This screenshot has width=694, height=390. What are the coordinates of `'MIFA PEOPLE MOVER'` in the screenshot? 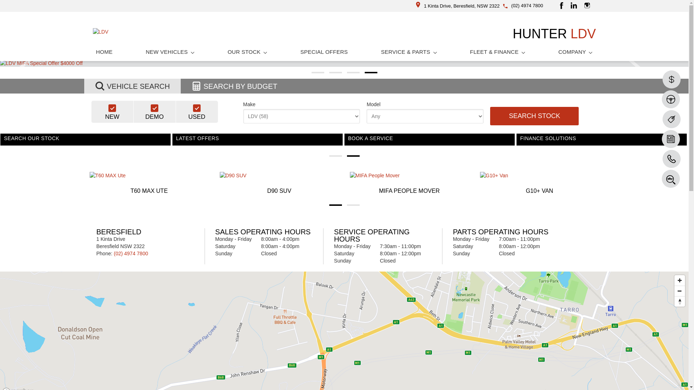 It's located at (409, 183).